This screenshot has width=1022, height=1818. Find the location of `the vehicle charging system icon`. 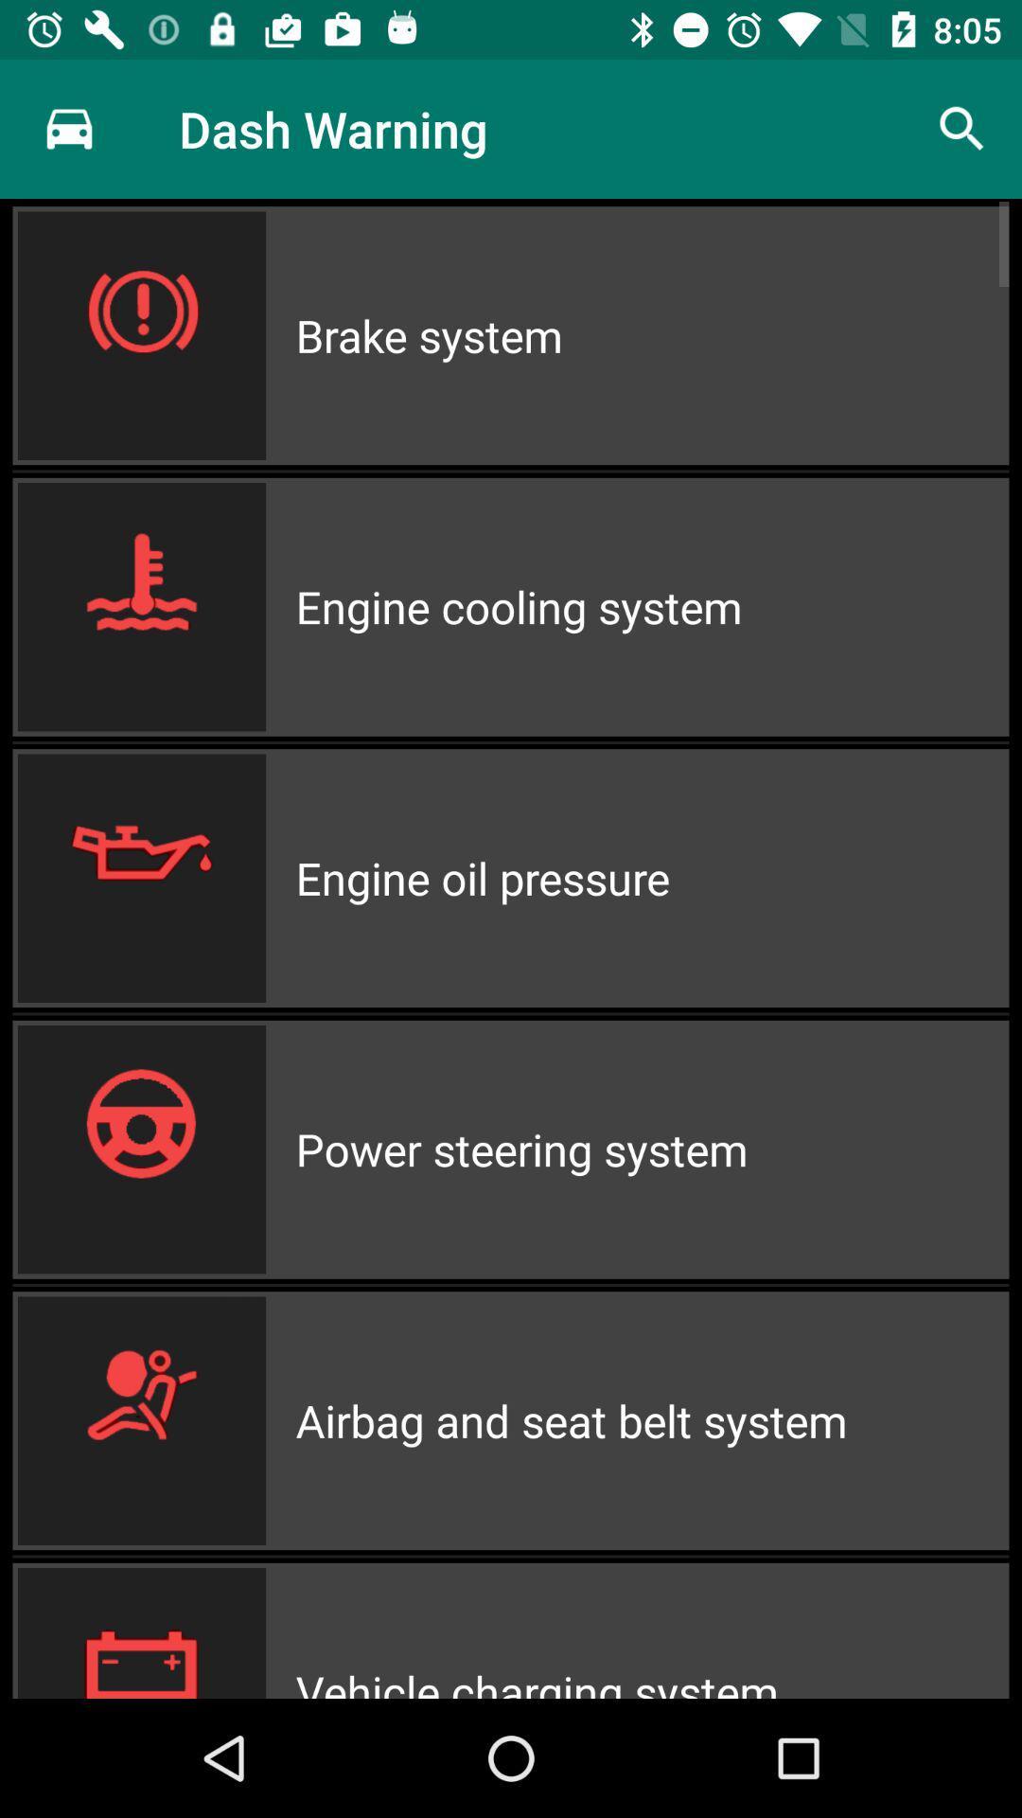

the vehicle charging system icon is located at coordinates (651, 1630).